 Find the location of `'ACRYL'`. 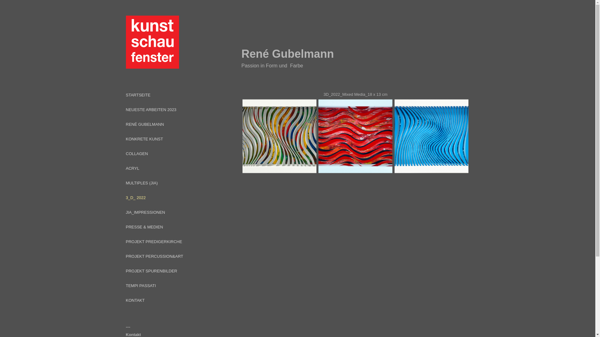

'ACRYL' is located at coordinates (132, 168).